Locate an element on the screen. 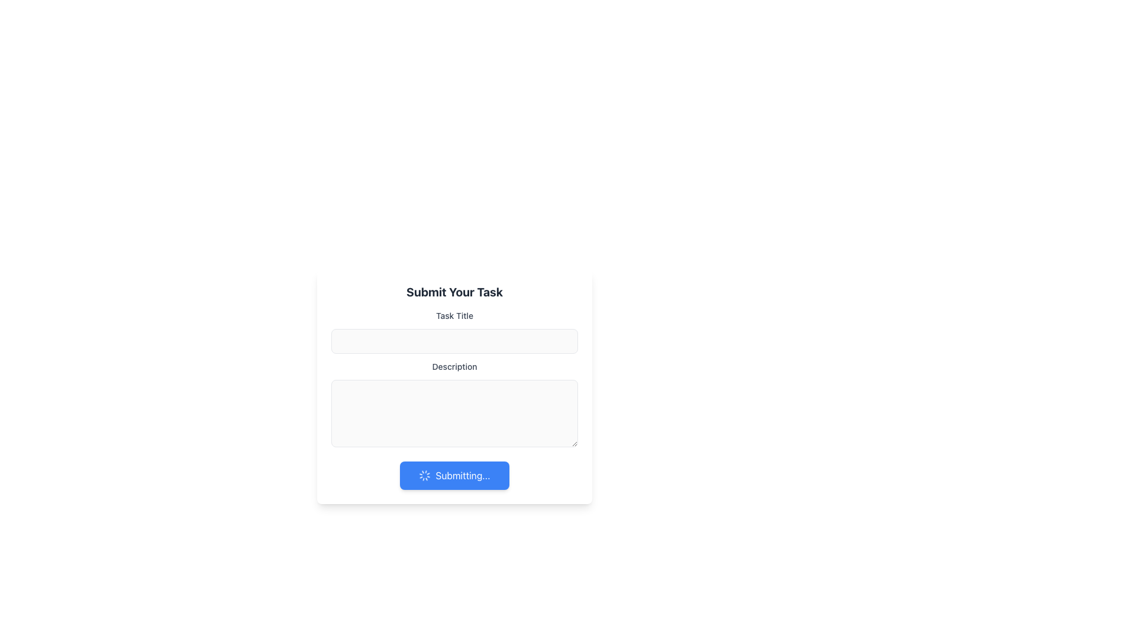 This screenshot has width=1136, height=639. the bold text header titled 'Submit Your Task', which is center-aligned and located at the top of the form layout is located at coordinates (454, 292).